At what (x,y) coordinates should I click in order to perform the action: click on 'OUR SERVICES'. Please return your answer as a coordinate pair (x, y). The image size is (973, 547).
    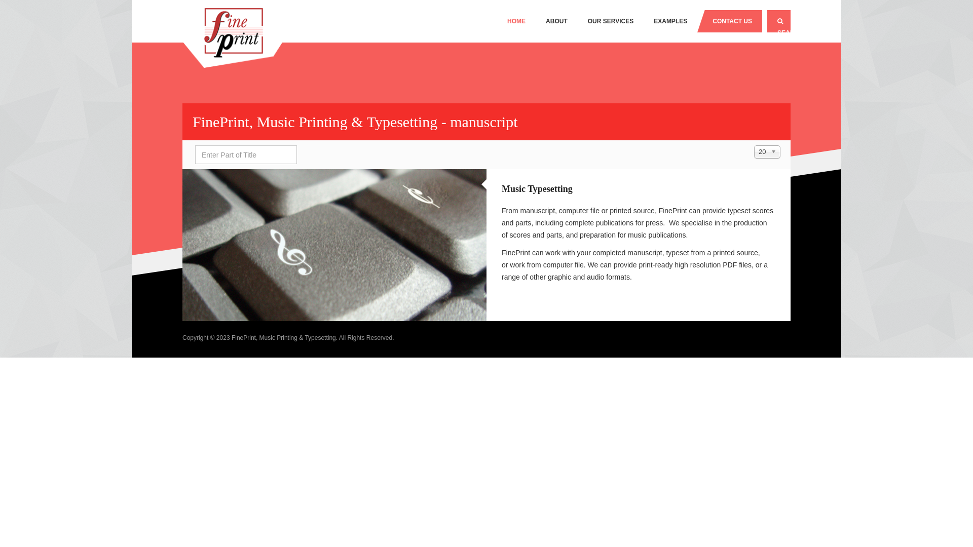
    Looking at the image, I should click on (610, 21).